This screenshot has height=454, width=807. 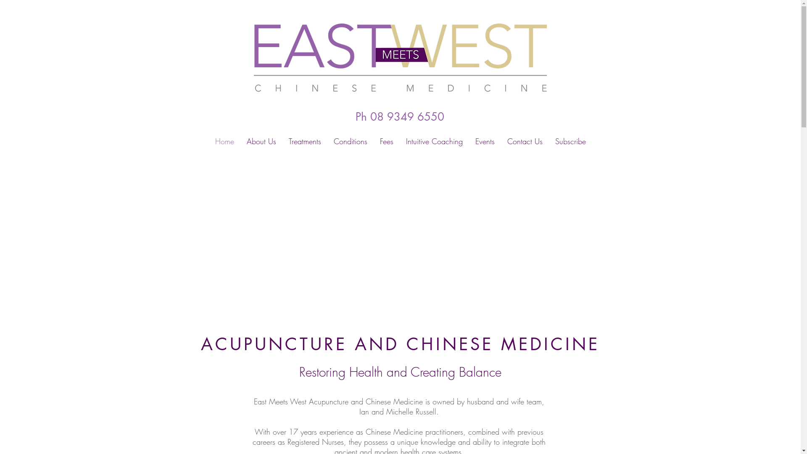 I want to click on 'Treatments', so click(x=304, y=140).